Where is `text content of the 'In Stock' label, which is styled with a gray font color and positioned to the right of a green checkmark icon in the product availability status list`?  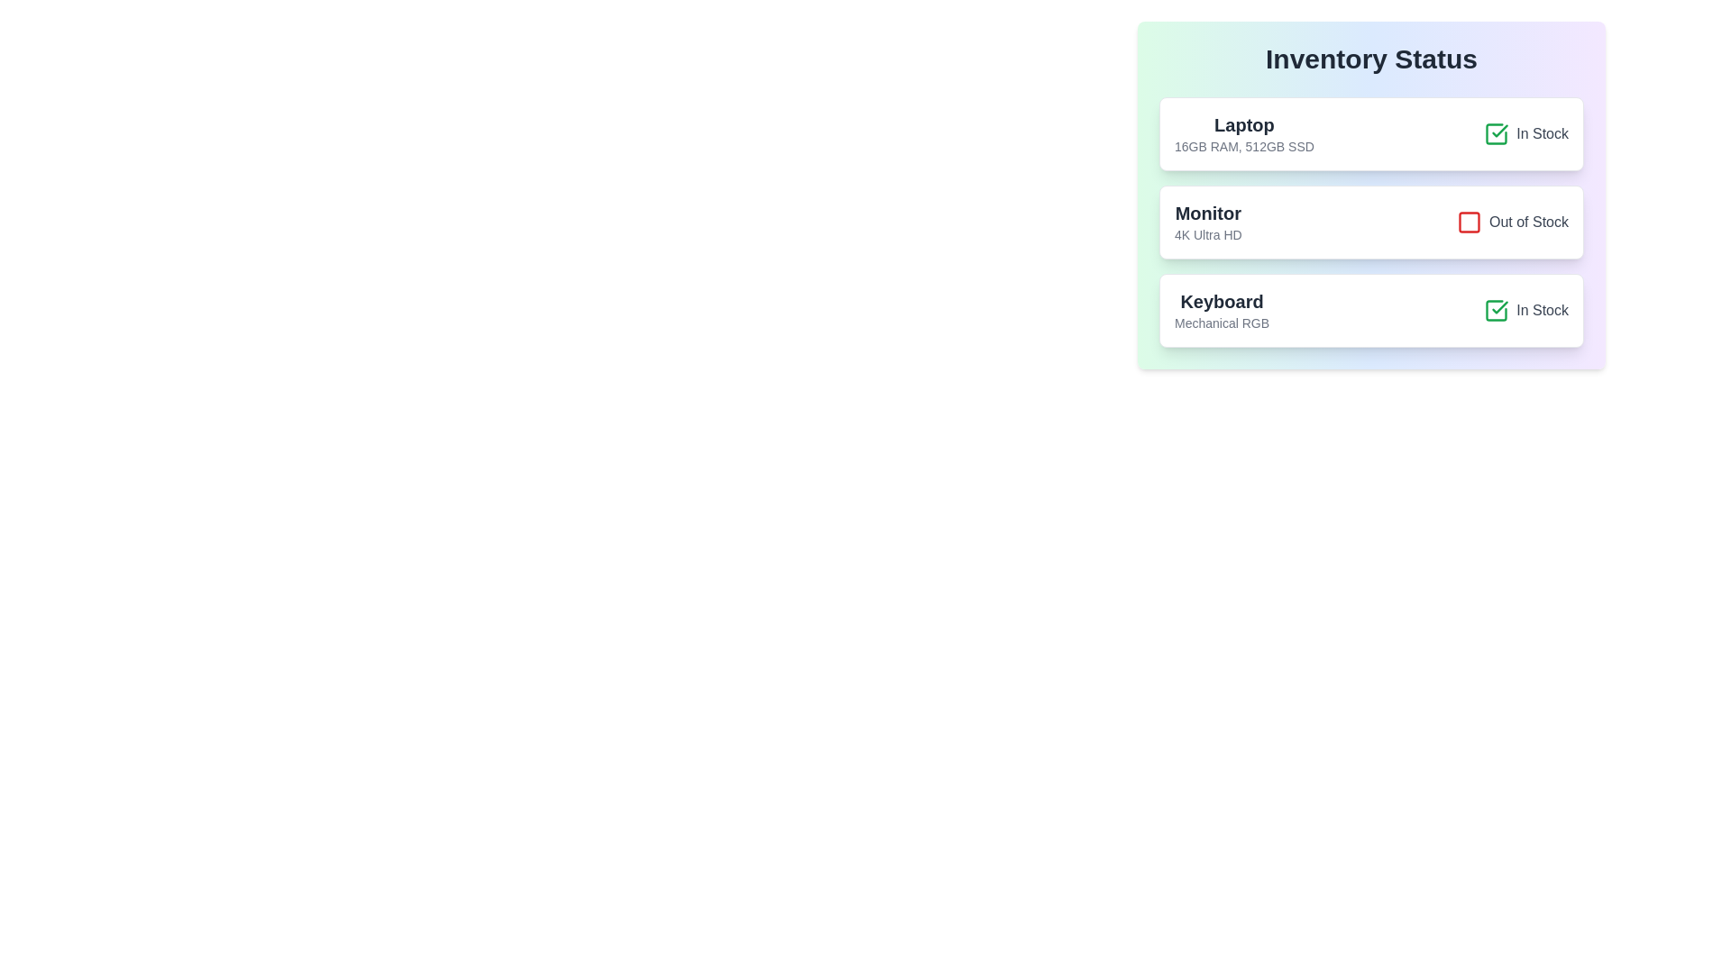 text content of the 'In Stock' label, which is styled with a gray font color and positioned to the right of a green checkmark icon in the product availability status list is located at coordinates (1542, 309).